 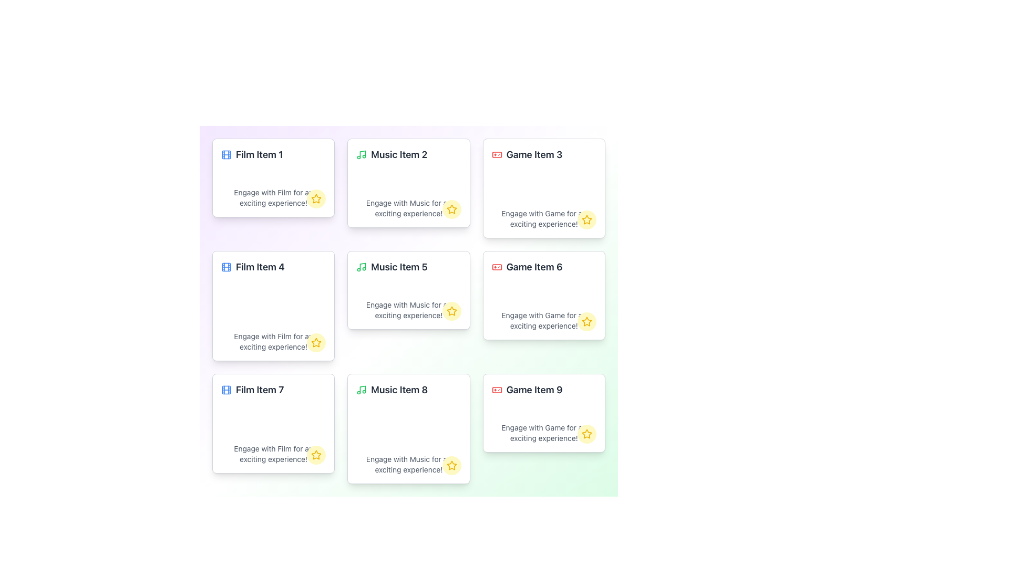 I want to click on the Content card displaying information about 'Game Item 9' located in the bottom-right corner of the grid layout to observe any visual changes, so click(x=544, y=412).